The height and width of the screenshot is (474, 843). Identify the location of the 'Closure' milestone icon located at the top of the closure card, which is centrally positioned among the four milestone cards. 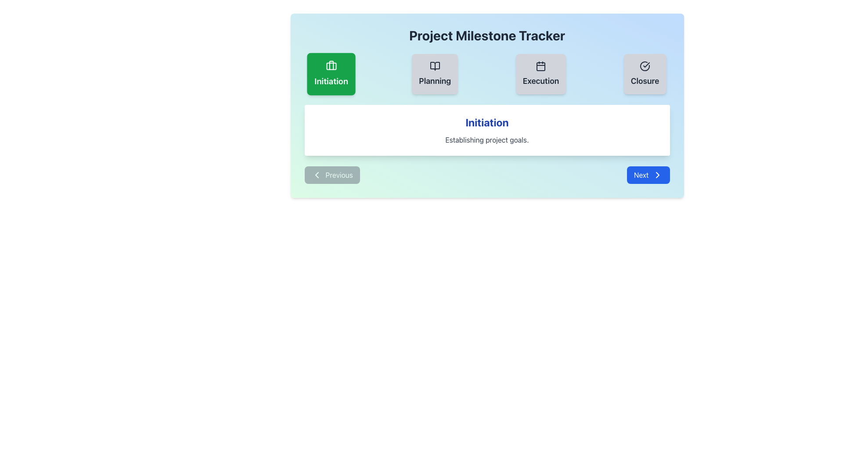
(645, 65).